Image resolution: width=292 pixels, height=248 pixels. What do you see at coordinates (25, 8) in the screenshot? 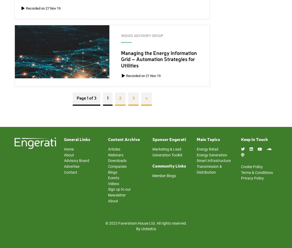
I see `'Recorded on 27 Nov 19'` at bounding box center [25, 8].